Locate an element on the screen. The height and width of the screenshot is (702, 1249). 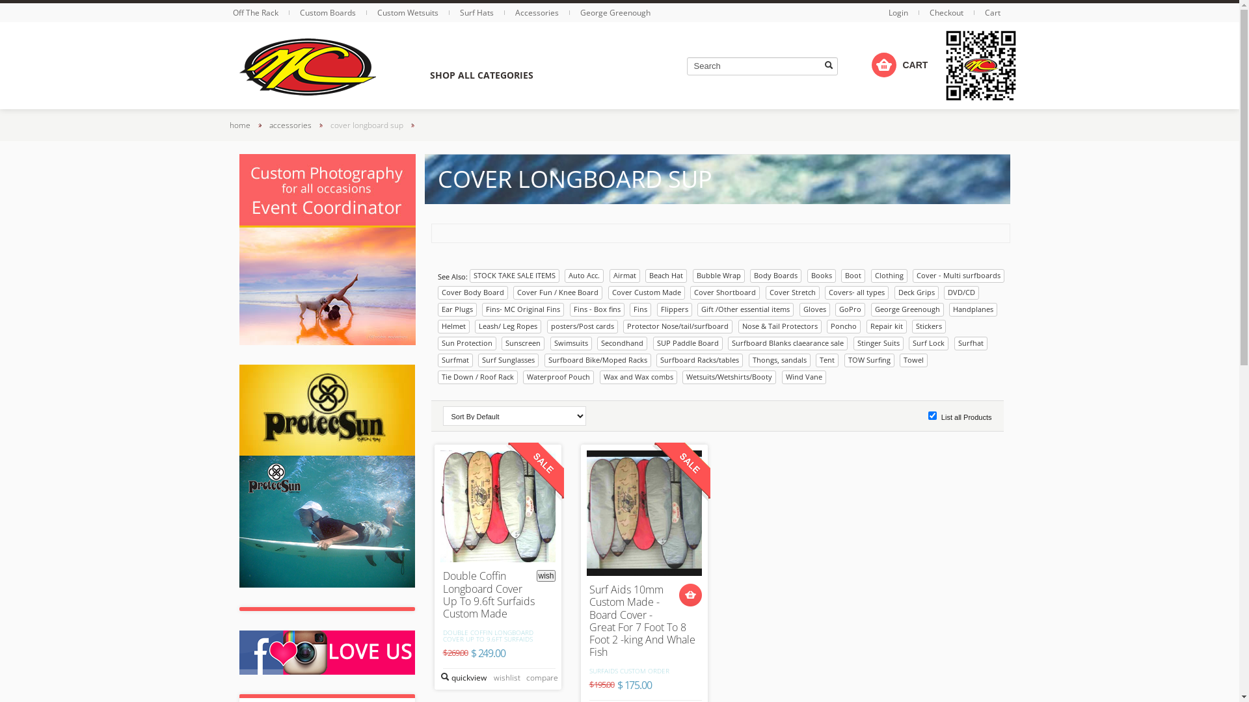
'Waterproof Pouch' is located at coordinates (558, 377).